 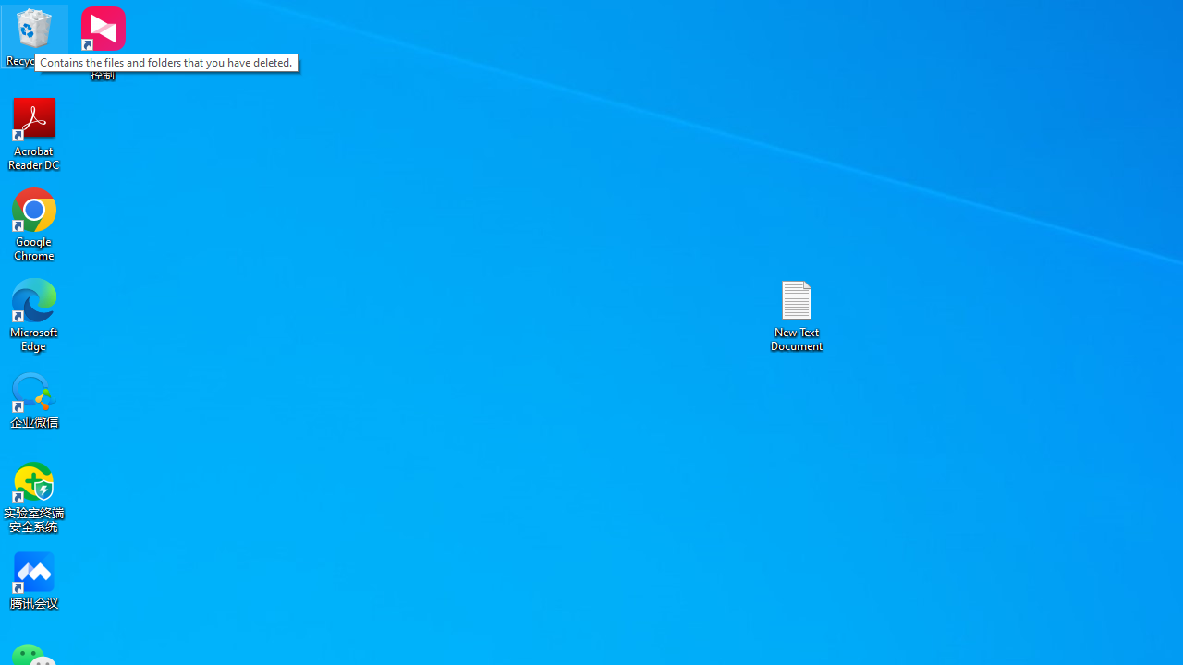 What do you see at coordinates (34, 133) in the screenshot?
I see `'Acrobat Reader DC'` at bounding box center [34, 133].